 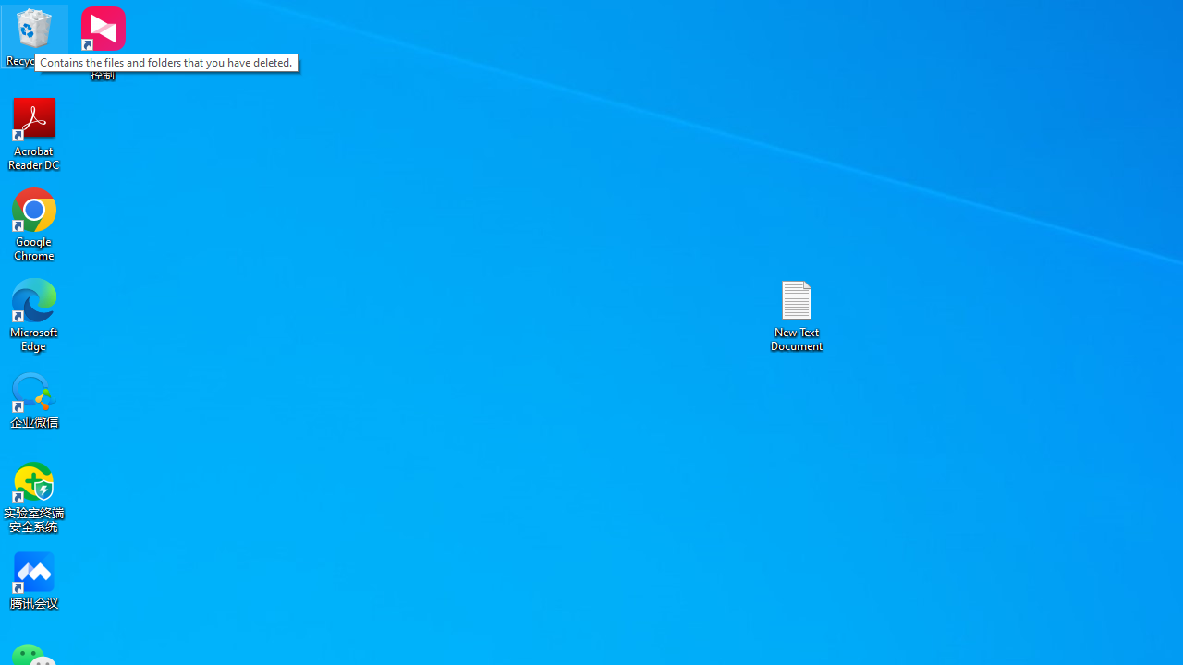 What do you see at coordinates (34, 133) in the screenshot?
I see `'Acrobat Reader DC'` at bounding box center [34, 133].